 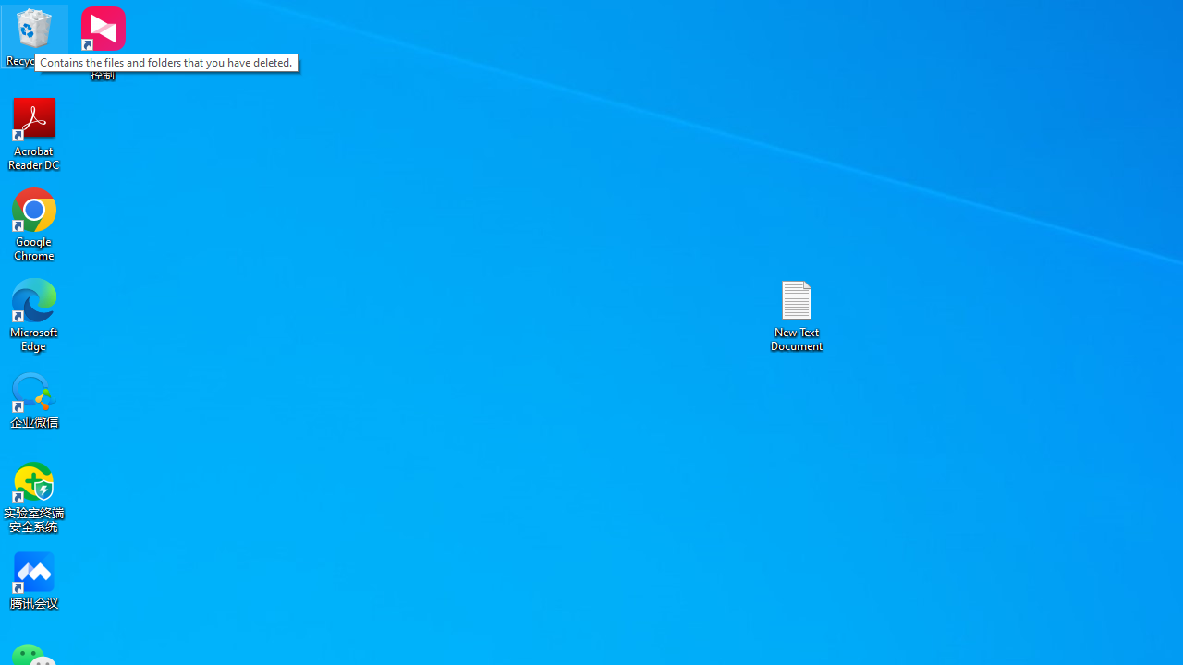 What do you see at coordinates (34, 133) in the screenshot?
I see `'Acrobat Reader DC'` at bounding box center [34, 133].